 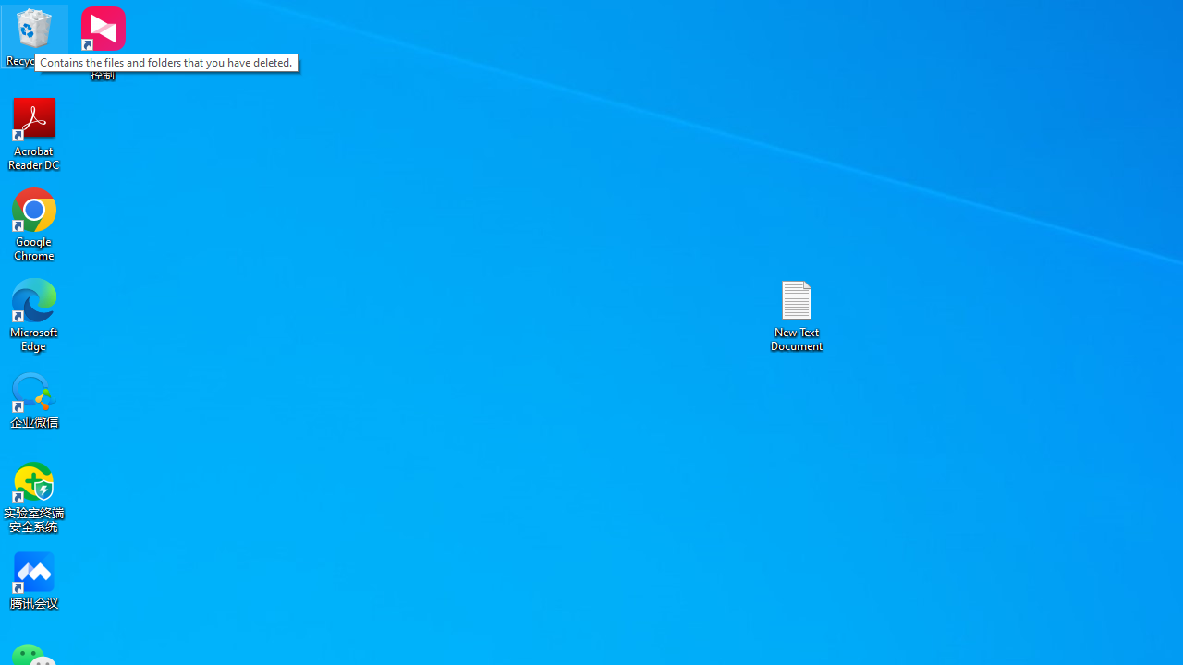 What do you see at coordinates (34, 133) in the screenshot?
I see `'Acrobat Reader DC'` at bounding box center [34, 133].